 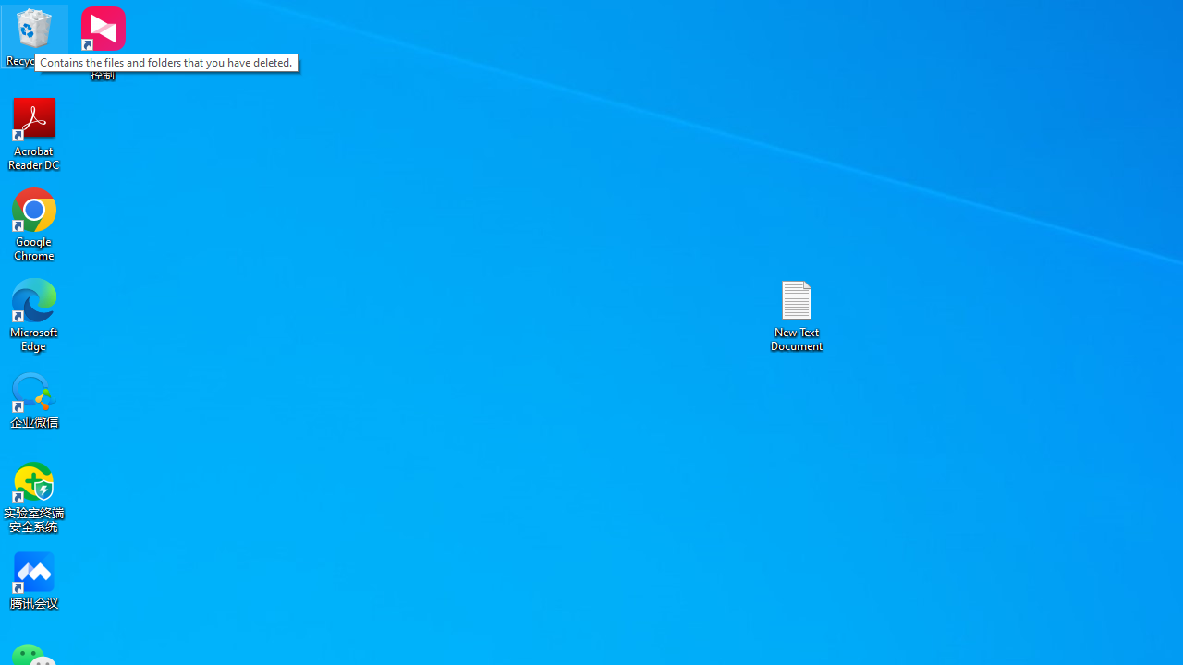 What do you see at coordinates (34, 133) in the screenshot?
I see `'Acrobat Reader DC'` at bounding box center [34, 133].